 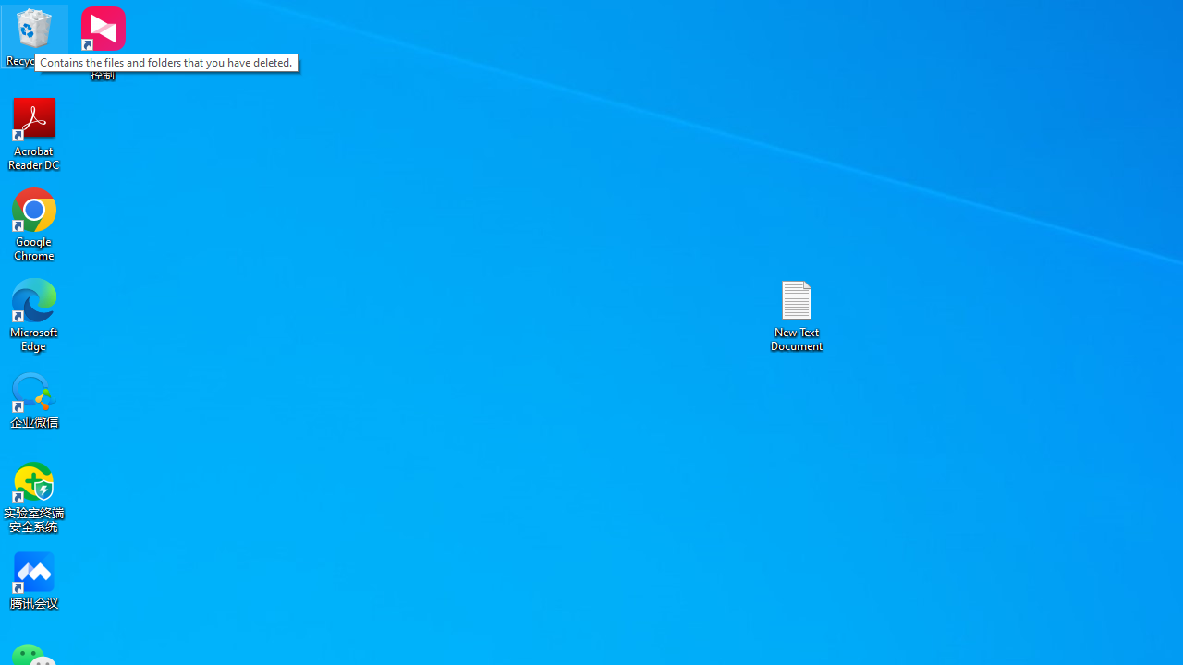 What do you see at coordinates (34, 133) in the screenshot?
I see `'Acrobat Reader DC'` at bounding box center [34, 133].